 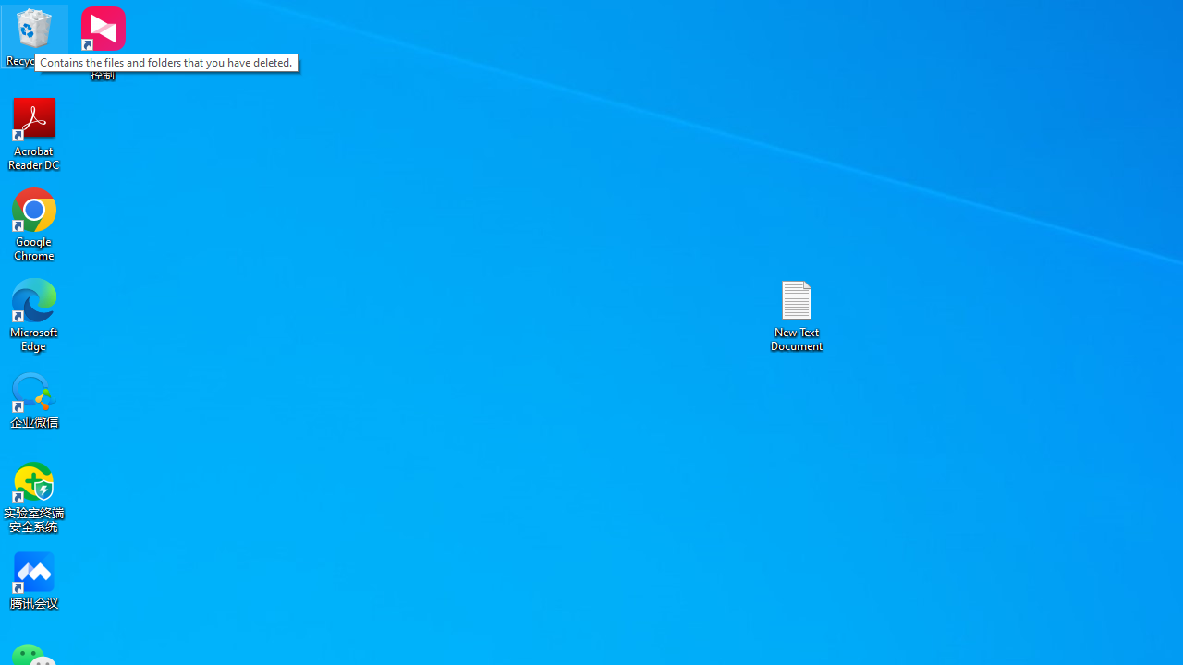 What do you see at coordinates (34, 133) in the screenshot?
I see `'Acrobat Reader DC'` at bounding box center [34, 133].